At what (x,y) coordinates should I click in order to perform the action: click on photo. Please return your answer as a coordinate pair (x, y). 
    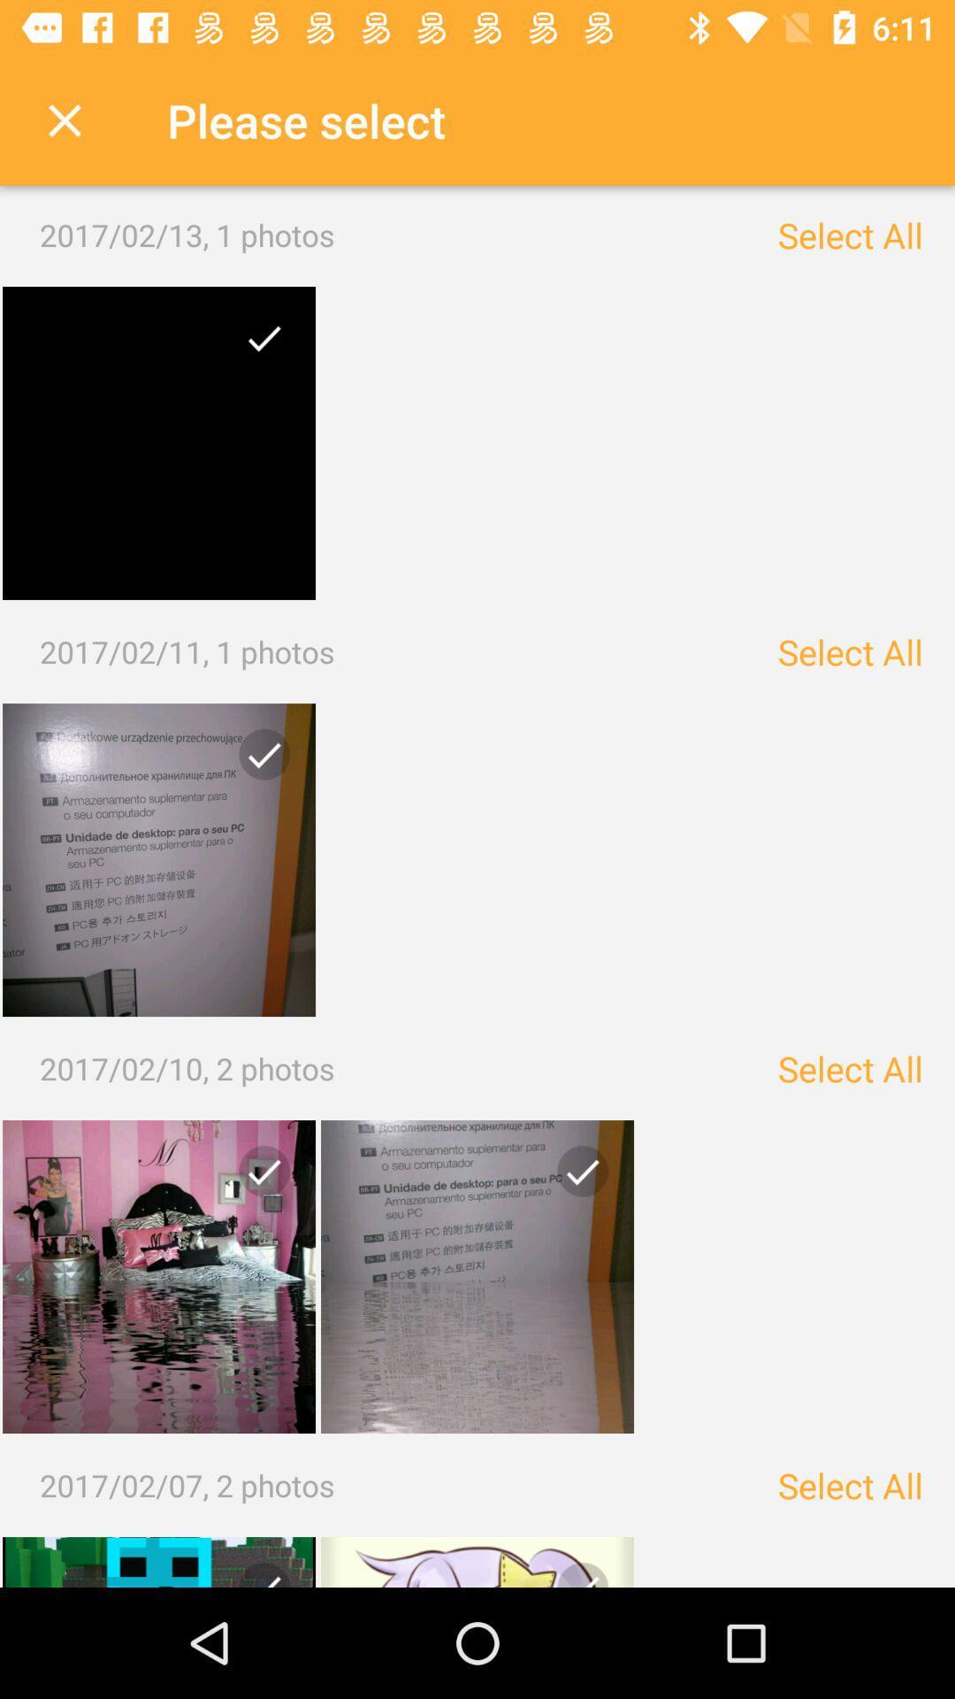
    Looking at the image, I should click on (159, 859).